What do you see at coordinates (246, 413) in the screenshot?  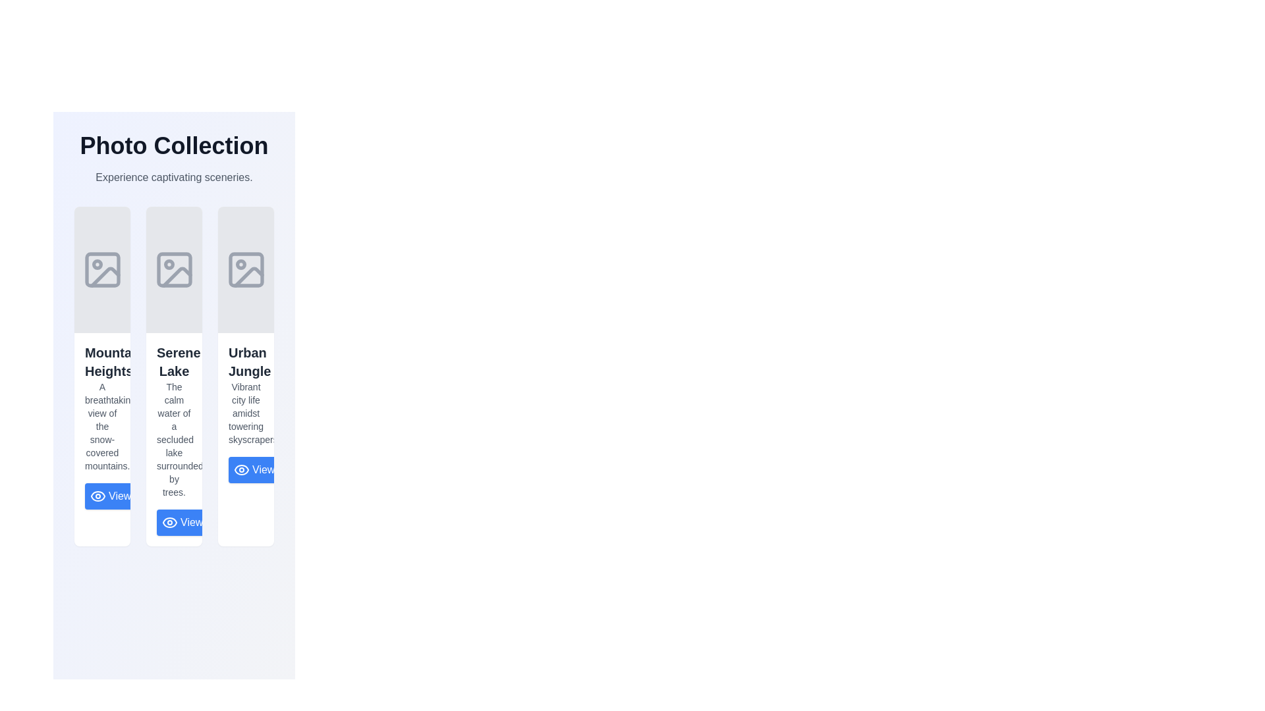 I see `the text block that provides a descriptive title and short description in the third card of the horizontally aligned list, located beneath the image placeholder and above the blue buttons labeled 'View'` at bounding box center [246, 413].